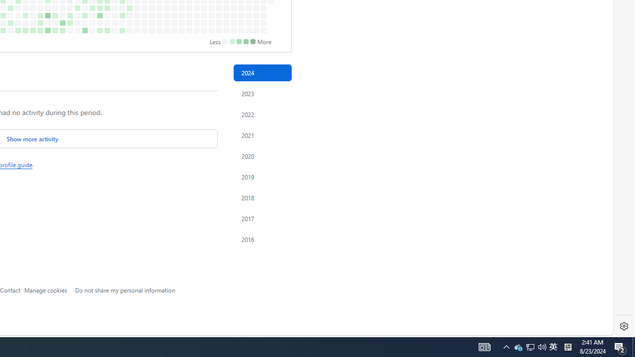 Image resolution: width=635 pixels, height=357 pixels. Describe the element at coordinates (262, 218) in the screenshot. I see `'2017'` at that location.